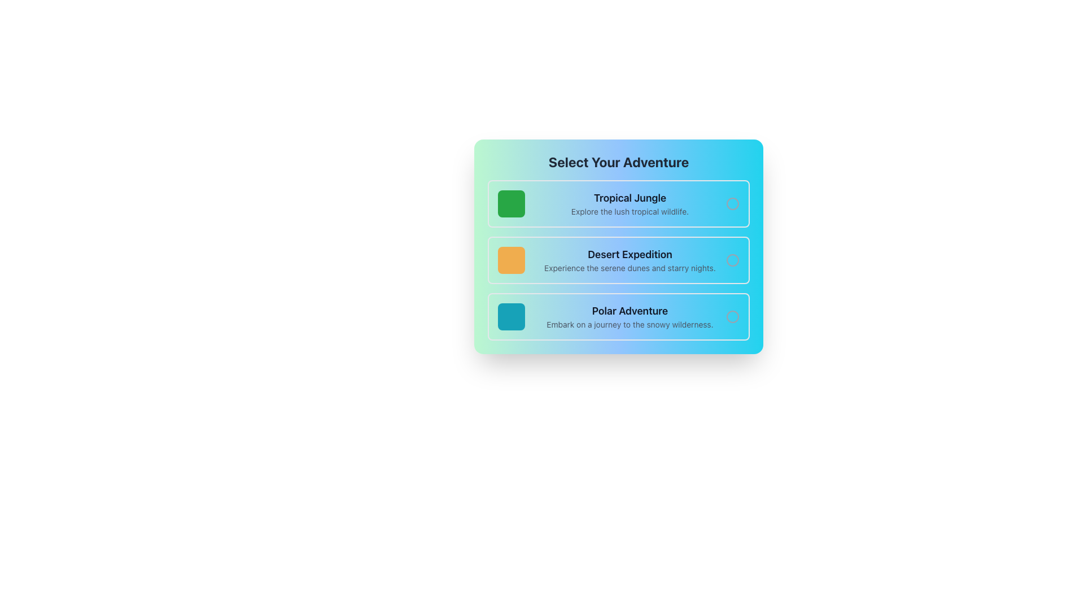 Image resolution: width=1084 pixels, height=610 pixels. I want to click on the static text paragraph that provides information about the 'Desert Expedition' option, located below the title within the middle card of the vertically stacked list of options, so click(630, 268).